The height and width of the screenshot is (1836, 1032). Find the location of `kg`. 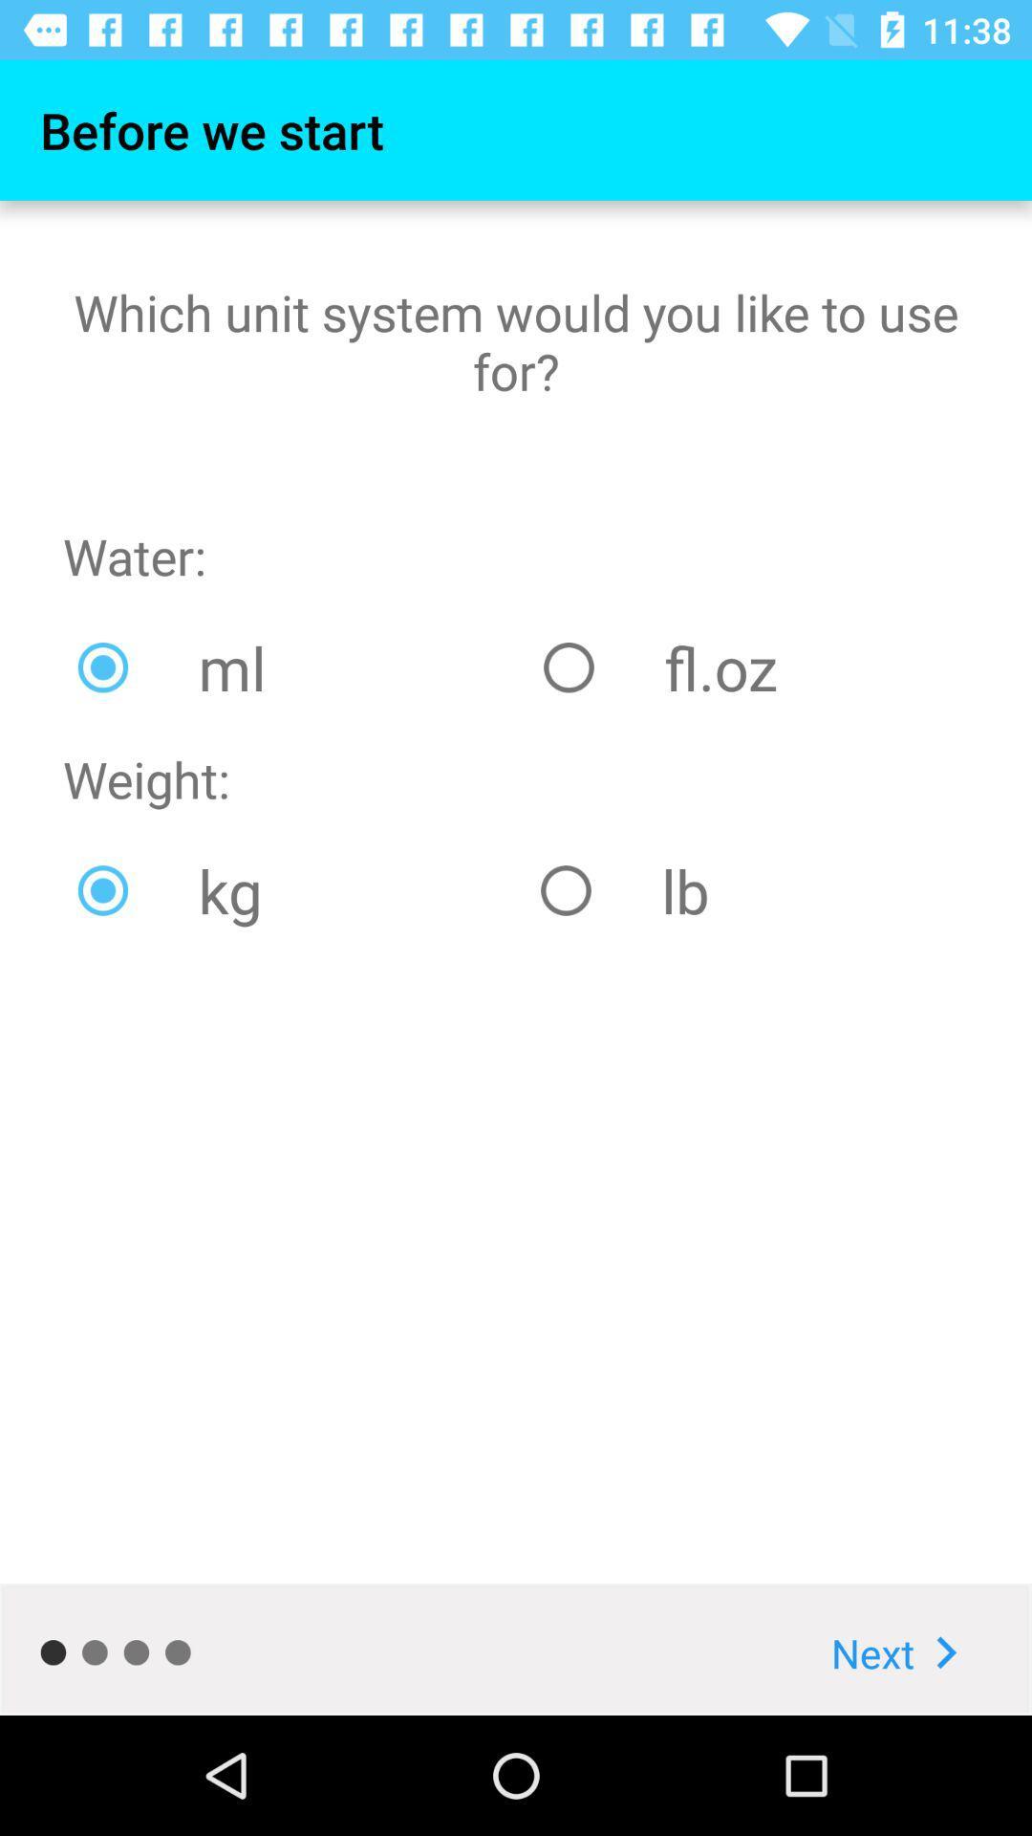

kg is located at coordinates (294, 889).